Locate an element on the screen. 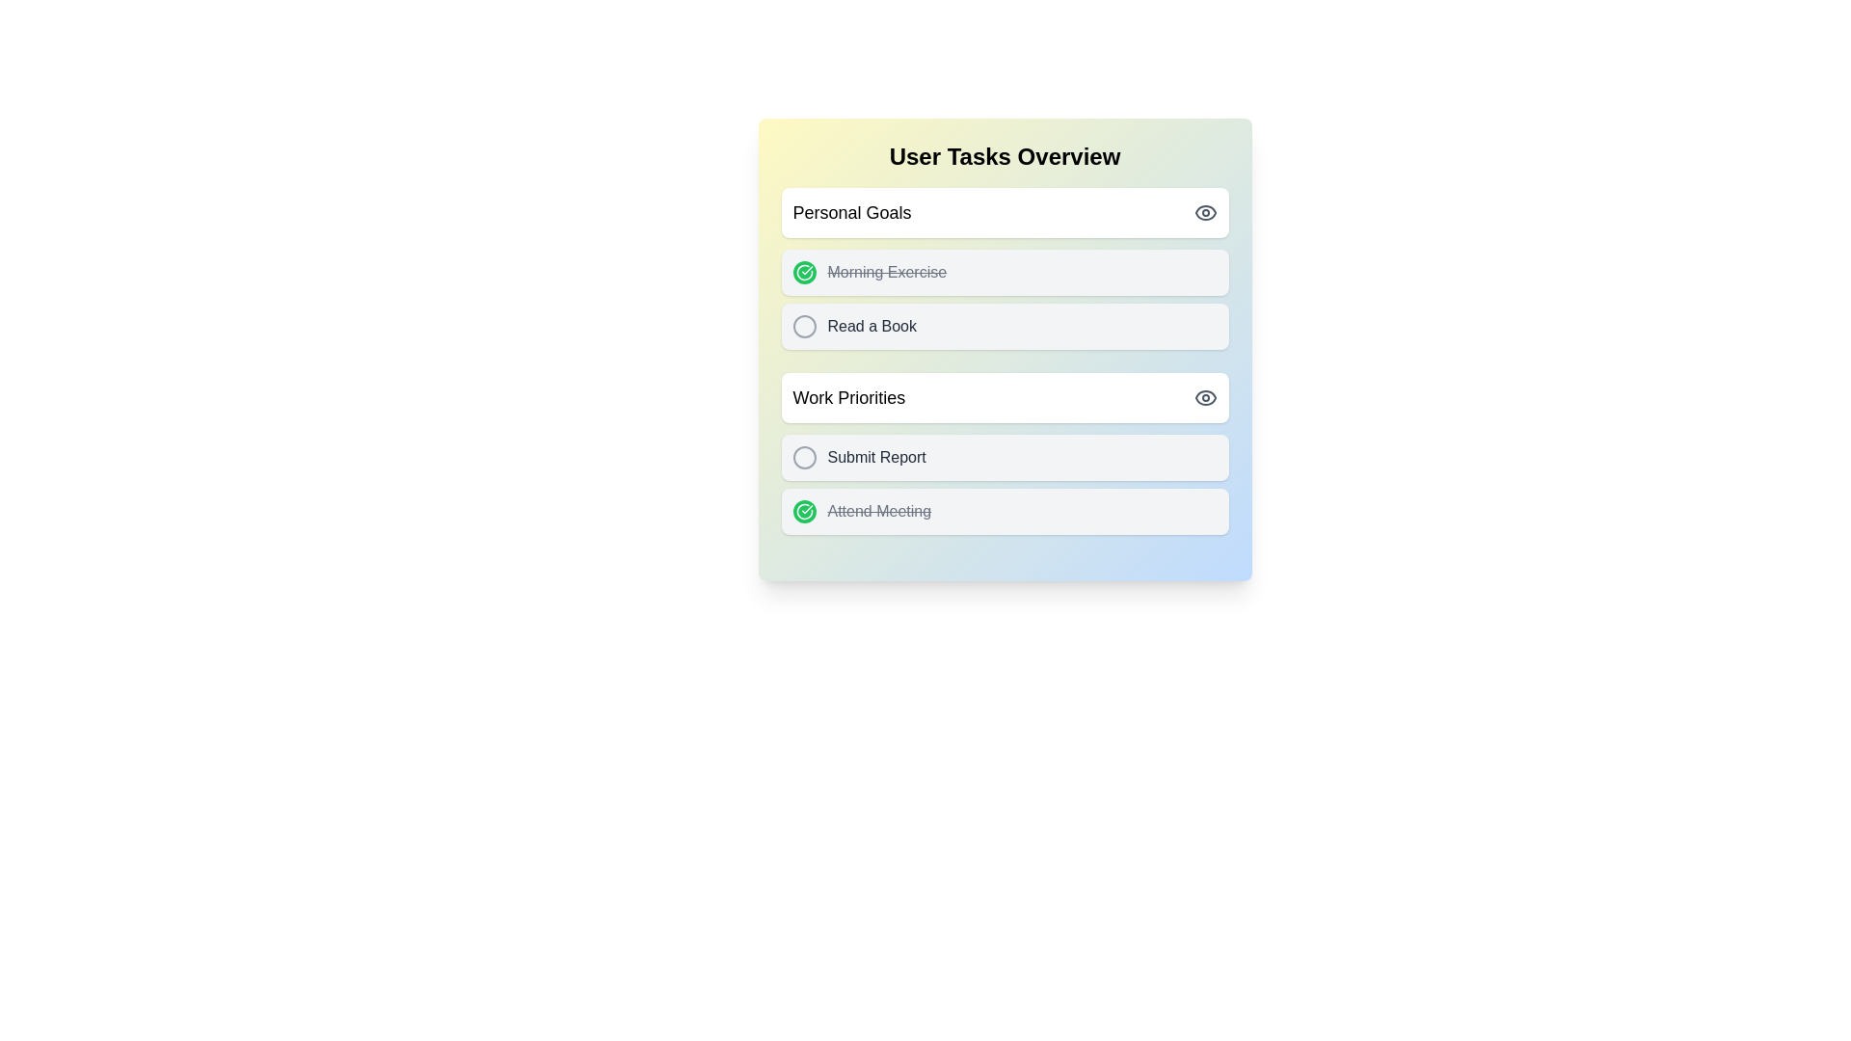 This screenshot has width=1851, height=1041. the text label displaying 'Read a Book', which is dark gray and located next to a circular checkbox in the 'Personal Goals' list is located at coordinates (871, 326).